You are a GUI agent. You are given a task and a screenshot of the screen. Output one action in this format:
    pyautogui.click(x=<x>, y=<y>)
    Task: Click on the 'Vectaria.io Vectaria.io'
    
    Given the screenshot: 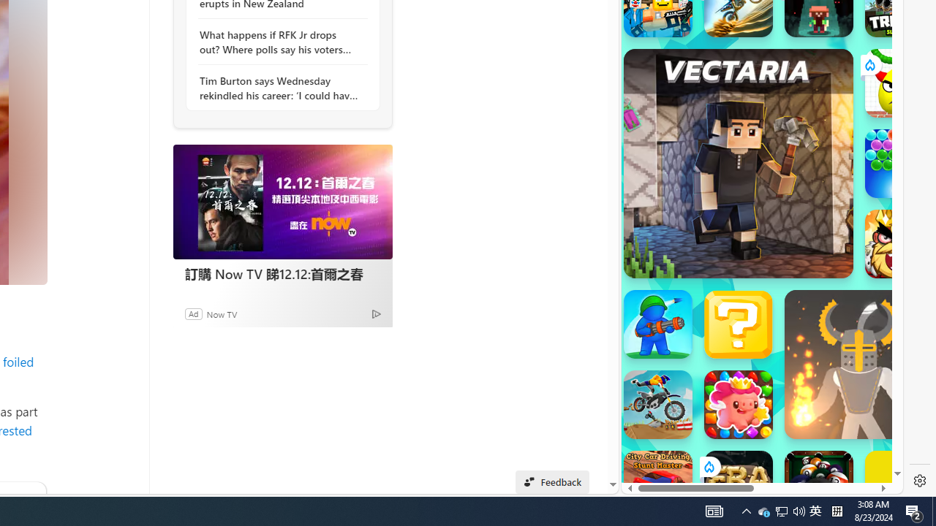 What is the action you would take?
    pyautogui.click(x=738, y=163)
    